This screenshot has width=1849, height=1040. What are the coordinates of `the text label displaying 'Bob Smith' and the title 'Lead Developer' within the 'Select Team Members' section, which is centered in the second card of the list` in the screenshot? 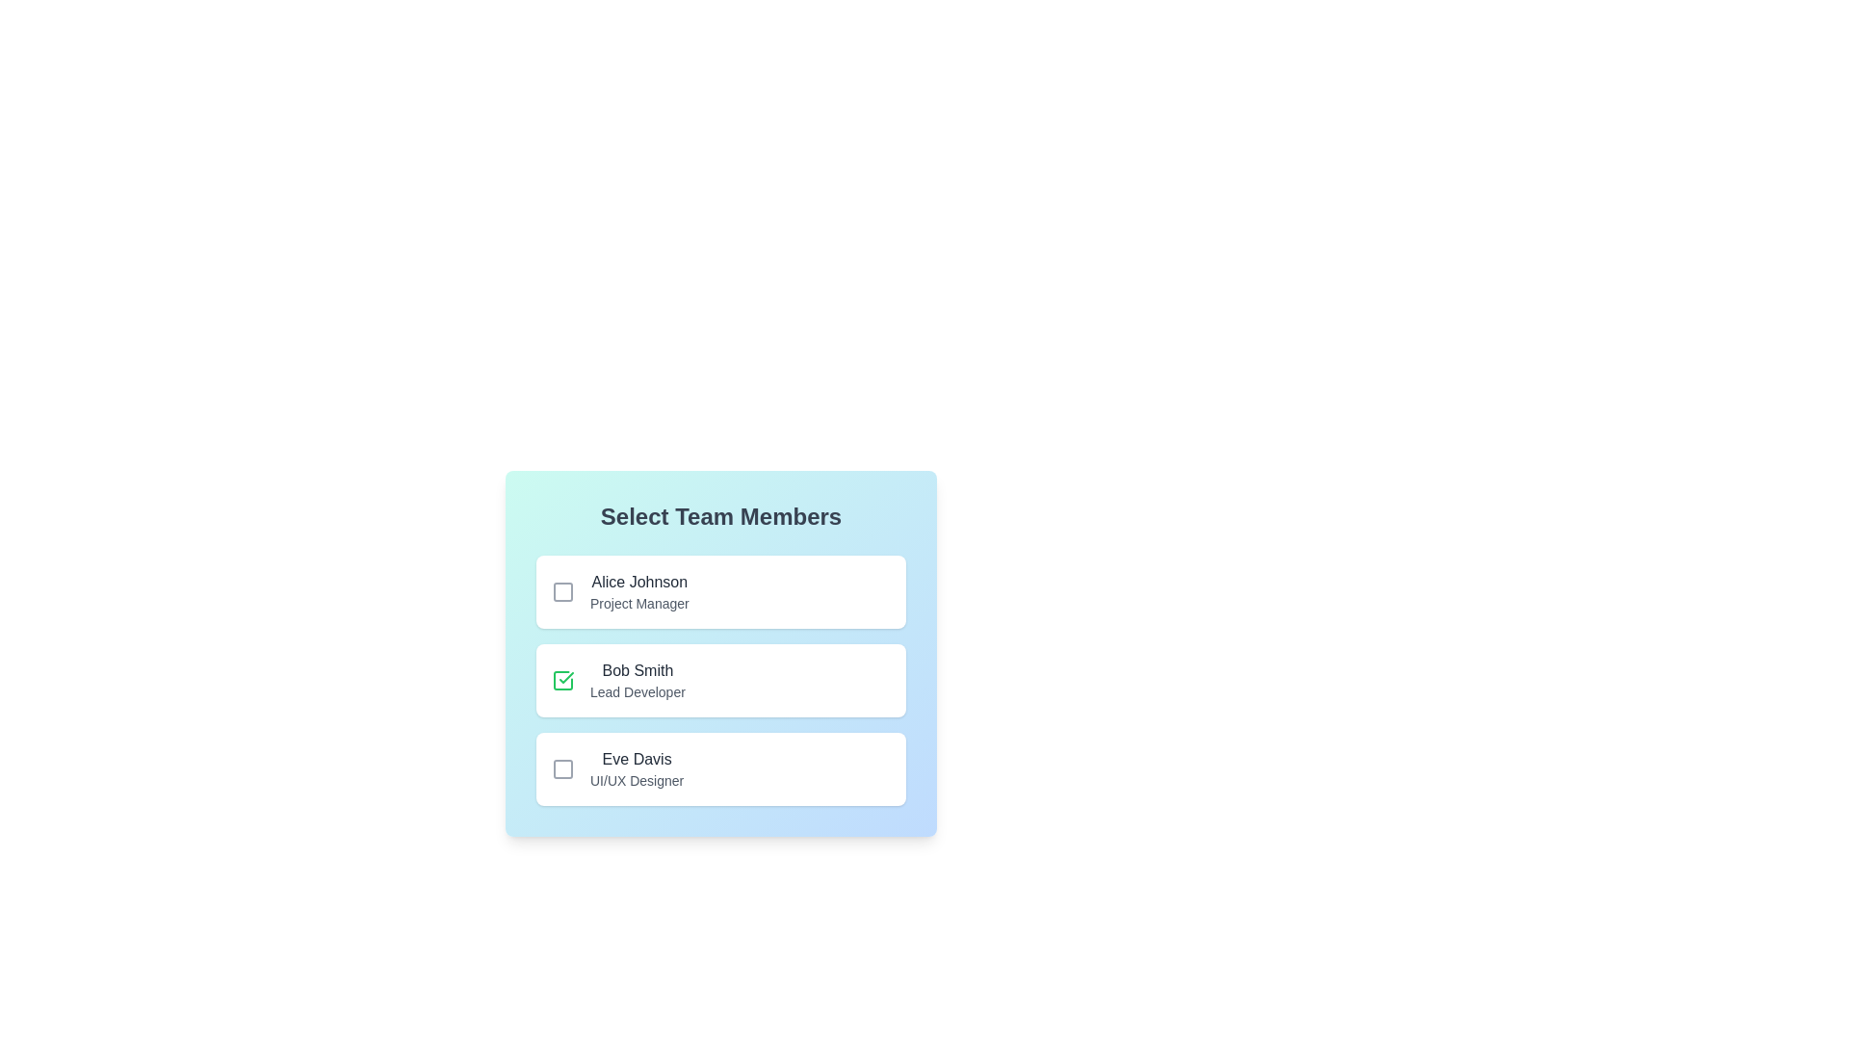 It's located at (638, 679).